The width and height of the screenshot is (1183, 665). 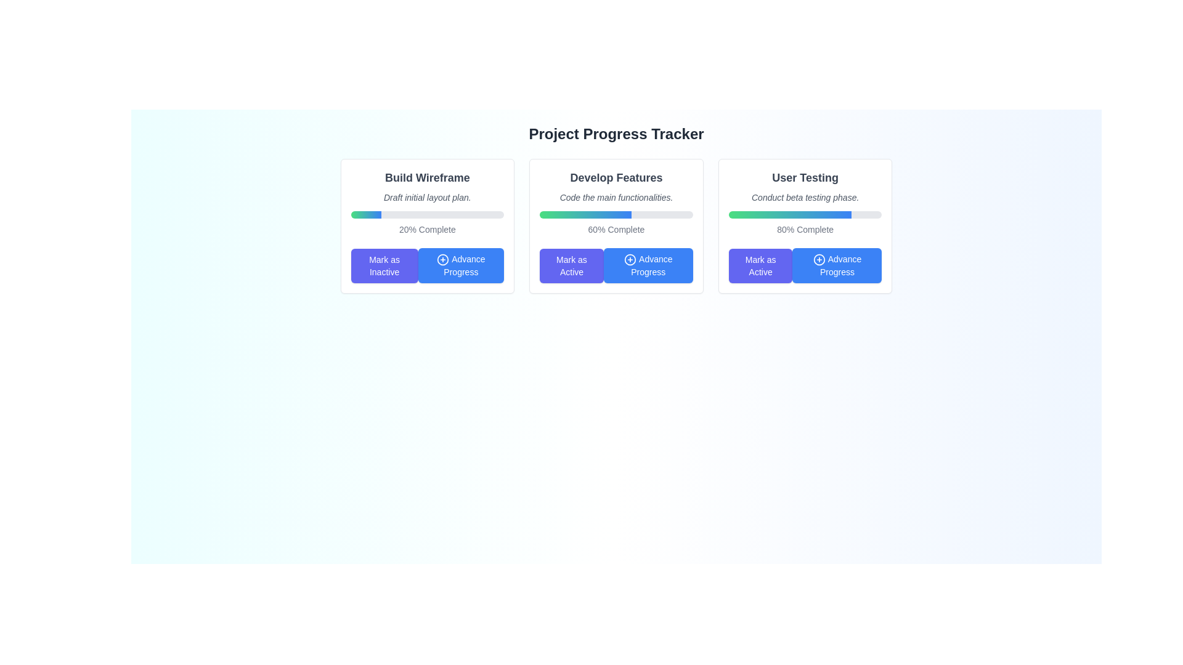 I want to click on the 'Advance Progress' button by clicking on the decorative icon located to the right of the button text in the 'User Testing' section, so click(x=819, y=259).